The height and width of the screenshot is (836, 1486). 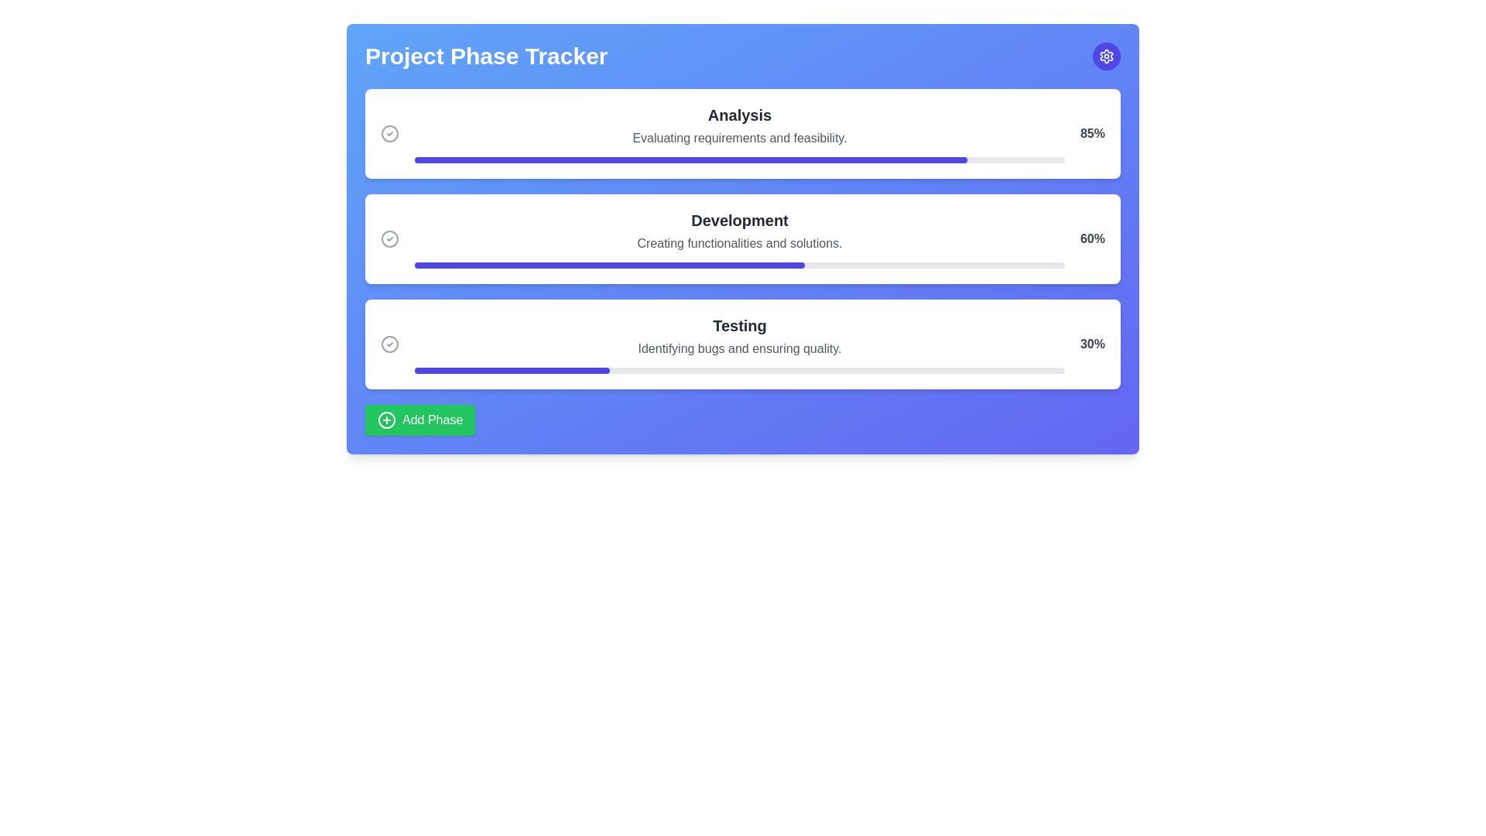 I want to click on the circular check icon to observe the cascading effects on nearby elements in the 'Analysis' section, so click(x=390, y=133).